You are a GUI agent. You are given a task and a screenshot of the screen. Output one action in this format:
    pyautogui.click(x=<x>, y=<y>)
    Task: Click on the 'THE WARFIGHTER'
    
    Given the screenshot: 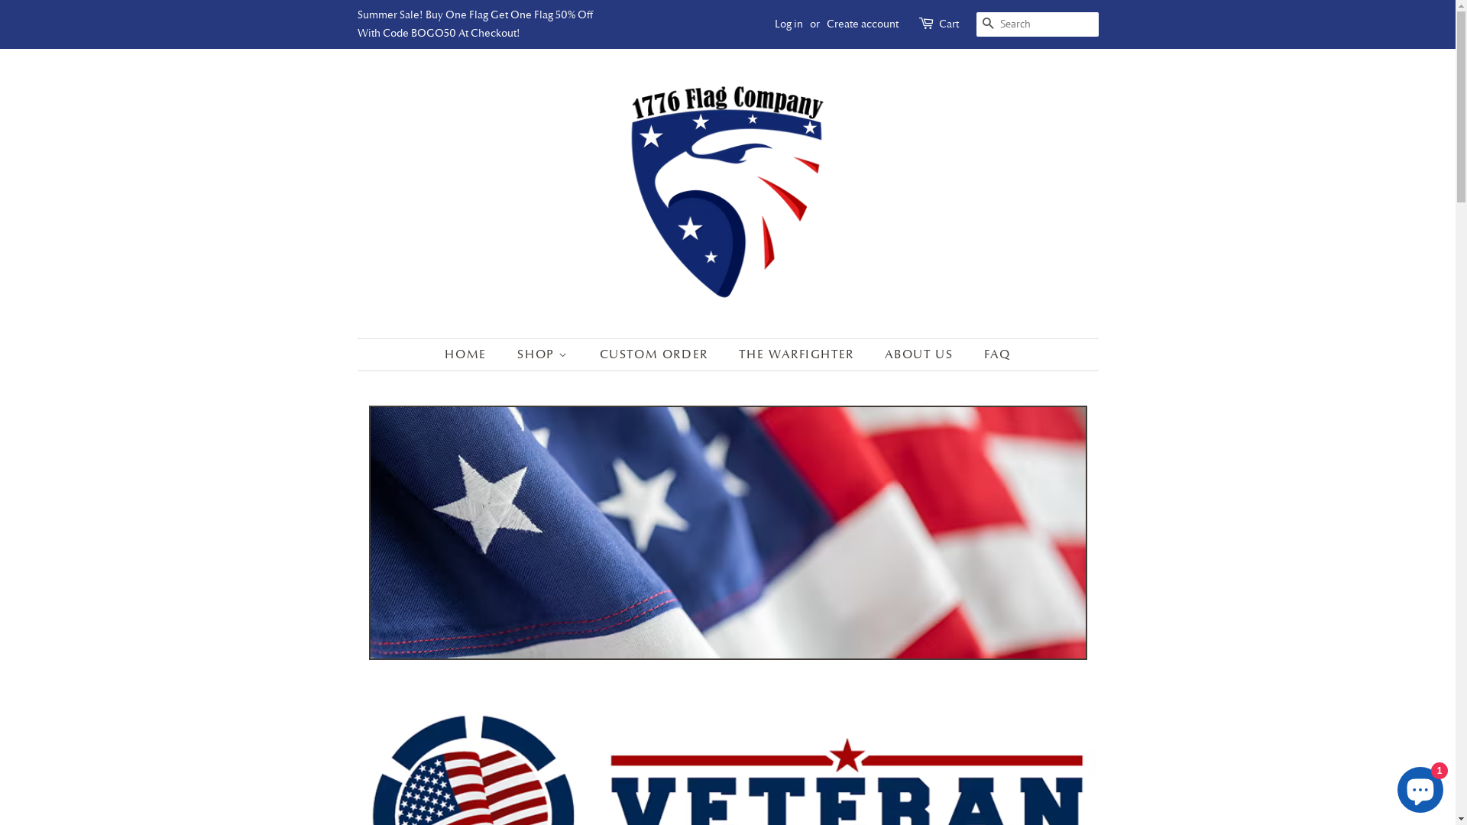 What is the action you would take?
    pyautogui.click(x=797, y=354)
    